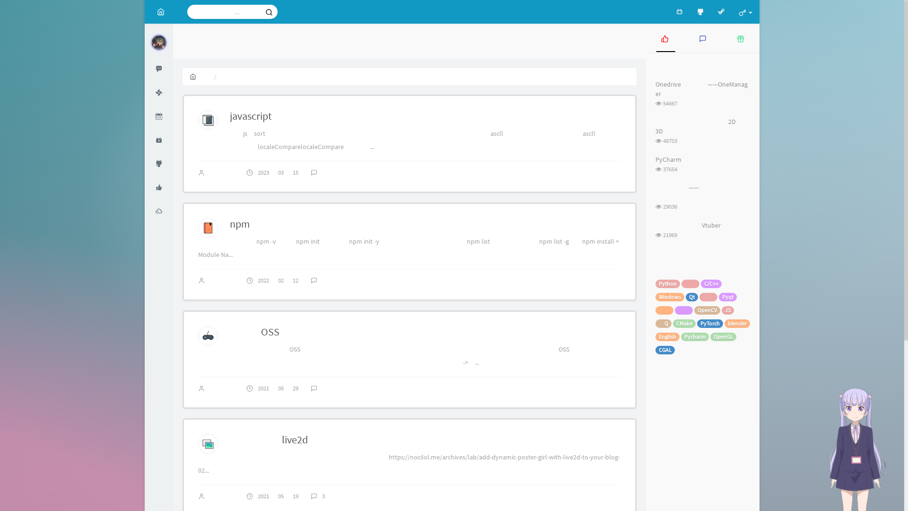 Image resolution: width=908 pixels, height=511 pixels. What do you see at coordinates (710, 323) in the screenshot?
I see `'PyTorch'` at bounding box center [710, 323].